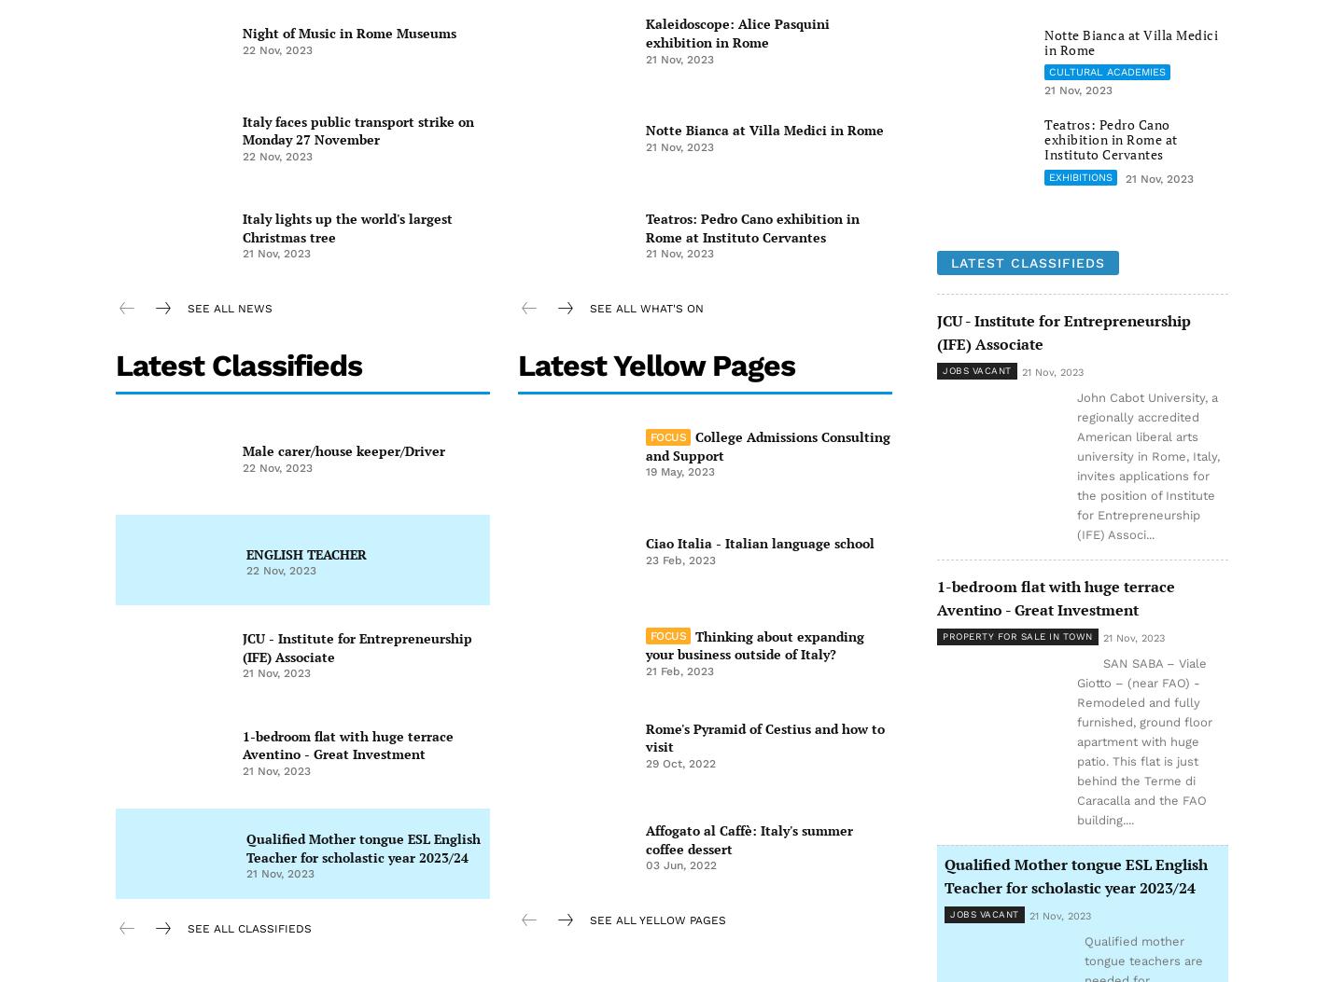 This screenshot has height=982, width=1344. Describe the element at coordinates (645, 559) in the screenshot. I see `'23 Feb, 2023'` at that location.